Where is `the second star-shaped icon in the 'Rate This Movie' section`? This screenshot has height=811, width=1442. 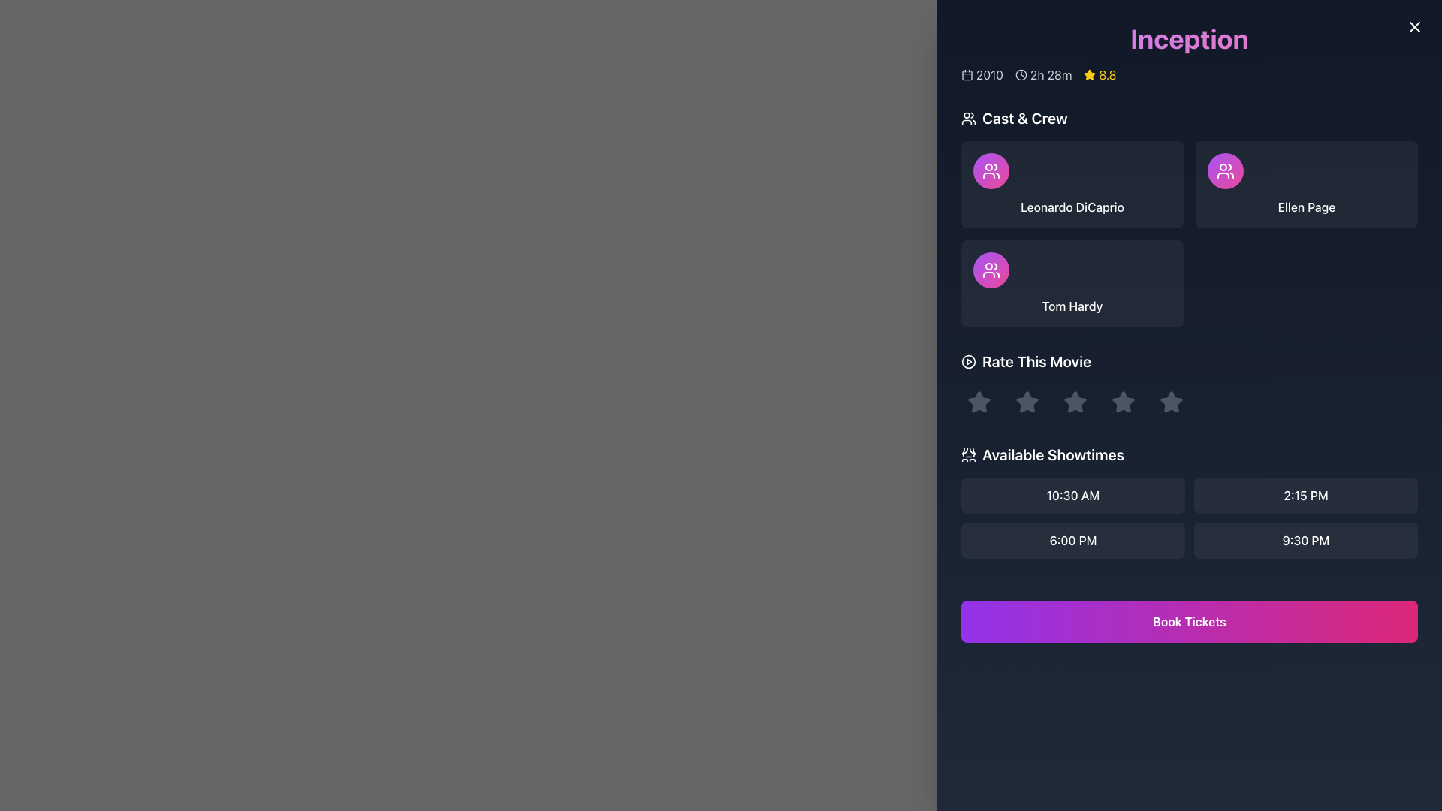 the second star-shaped icon in the 'Rate This Movie' section is located at coordinates (1074, 402).